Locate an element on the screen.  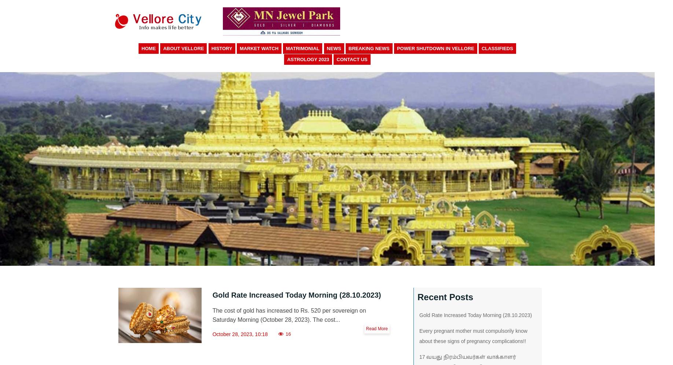
'History' is located at coordinates (210, 48).